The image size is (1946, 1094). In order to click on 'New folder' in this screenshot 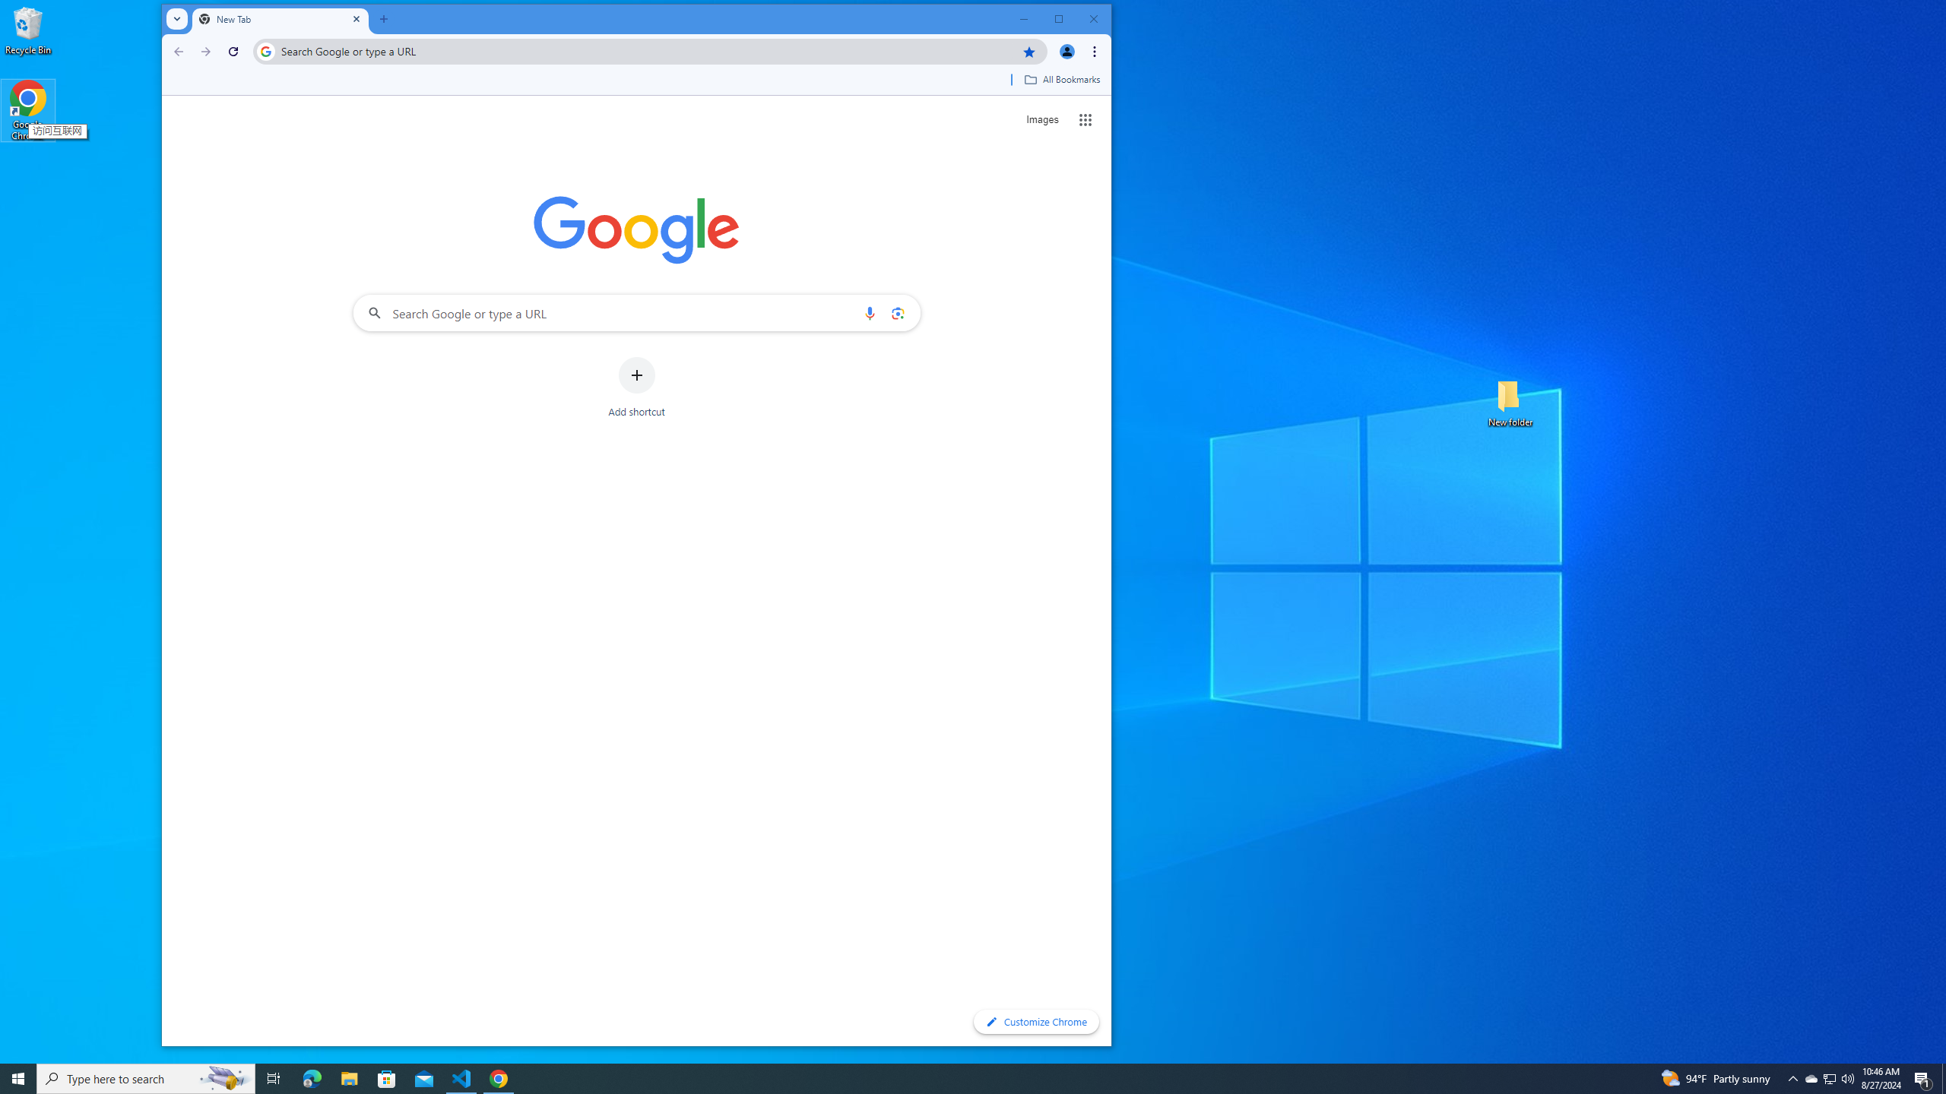, I will do `click(1510, 401)`.